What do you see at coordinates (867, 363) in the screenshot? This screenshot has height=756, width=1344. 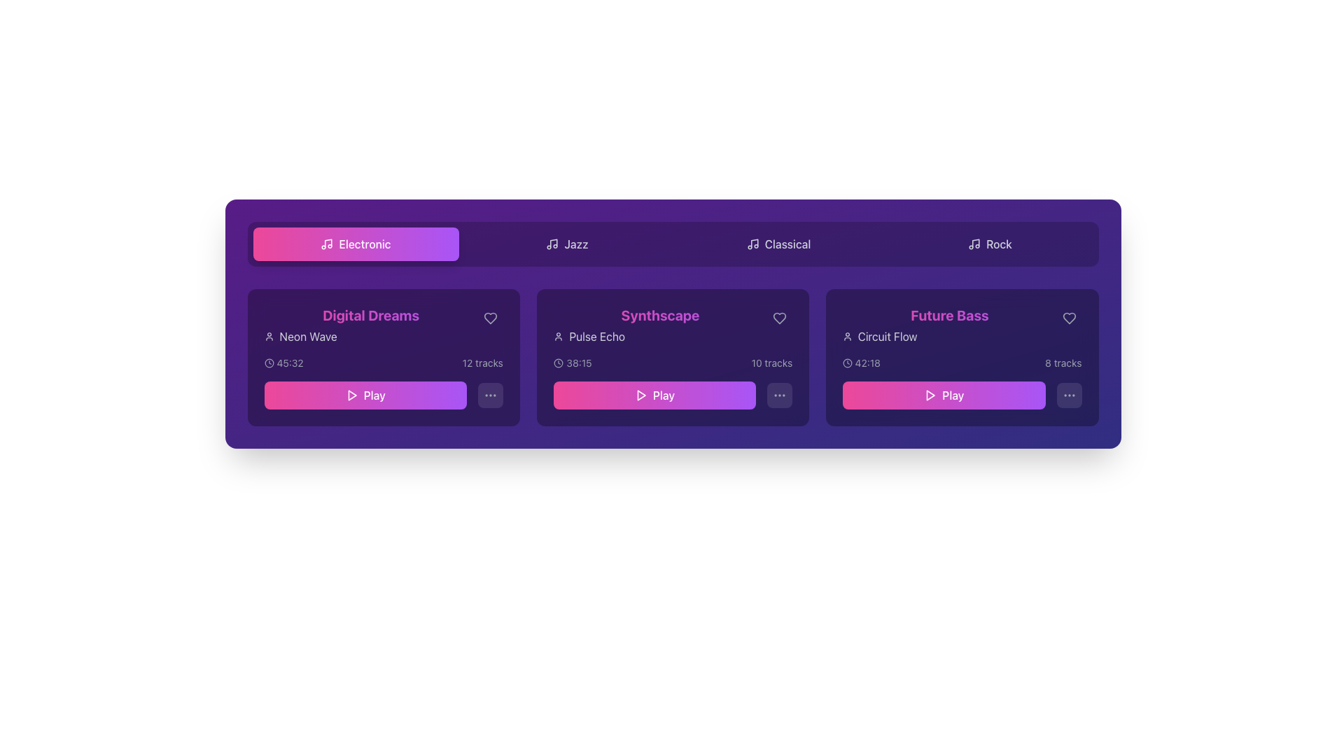 I see `the static text display reading '42:18' styled in white against a purple background, indicating a timestamp or duration, located within the 'Future Bass' card` at bounding box center [867, 363].